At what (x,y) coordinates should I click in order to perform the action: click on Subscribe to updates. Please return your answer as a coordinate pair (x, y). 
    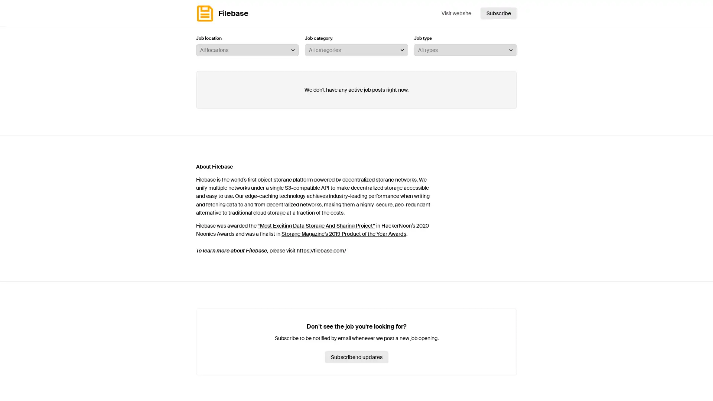
    Looking at the image, I should click on (356, 356).